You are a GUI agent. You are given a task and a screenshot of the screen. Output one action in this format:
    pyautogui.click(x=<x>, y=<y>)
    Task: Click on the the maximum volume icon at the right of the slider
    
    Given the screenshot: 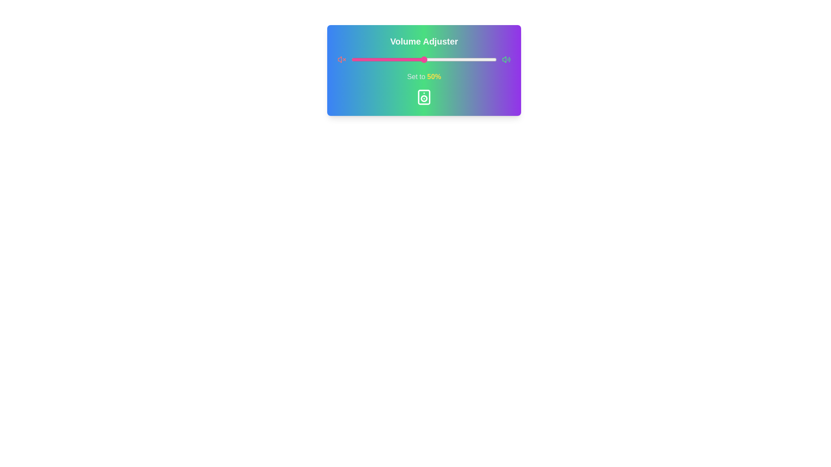 What is the action you would take?
    pyautogui.click(x=506, y=59)
    